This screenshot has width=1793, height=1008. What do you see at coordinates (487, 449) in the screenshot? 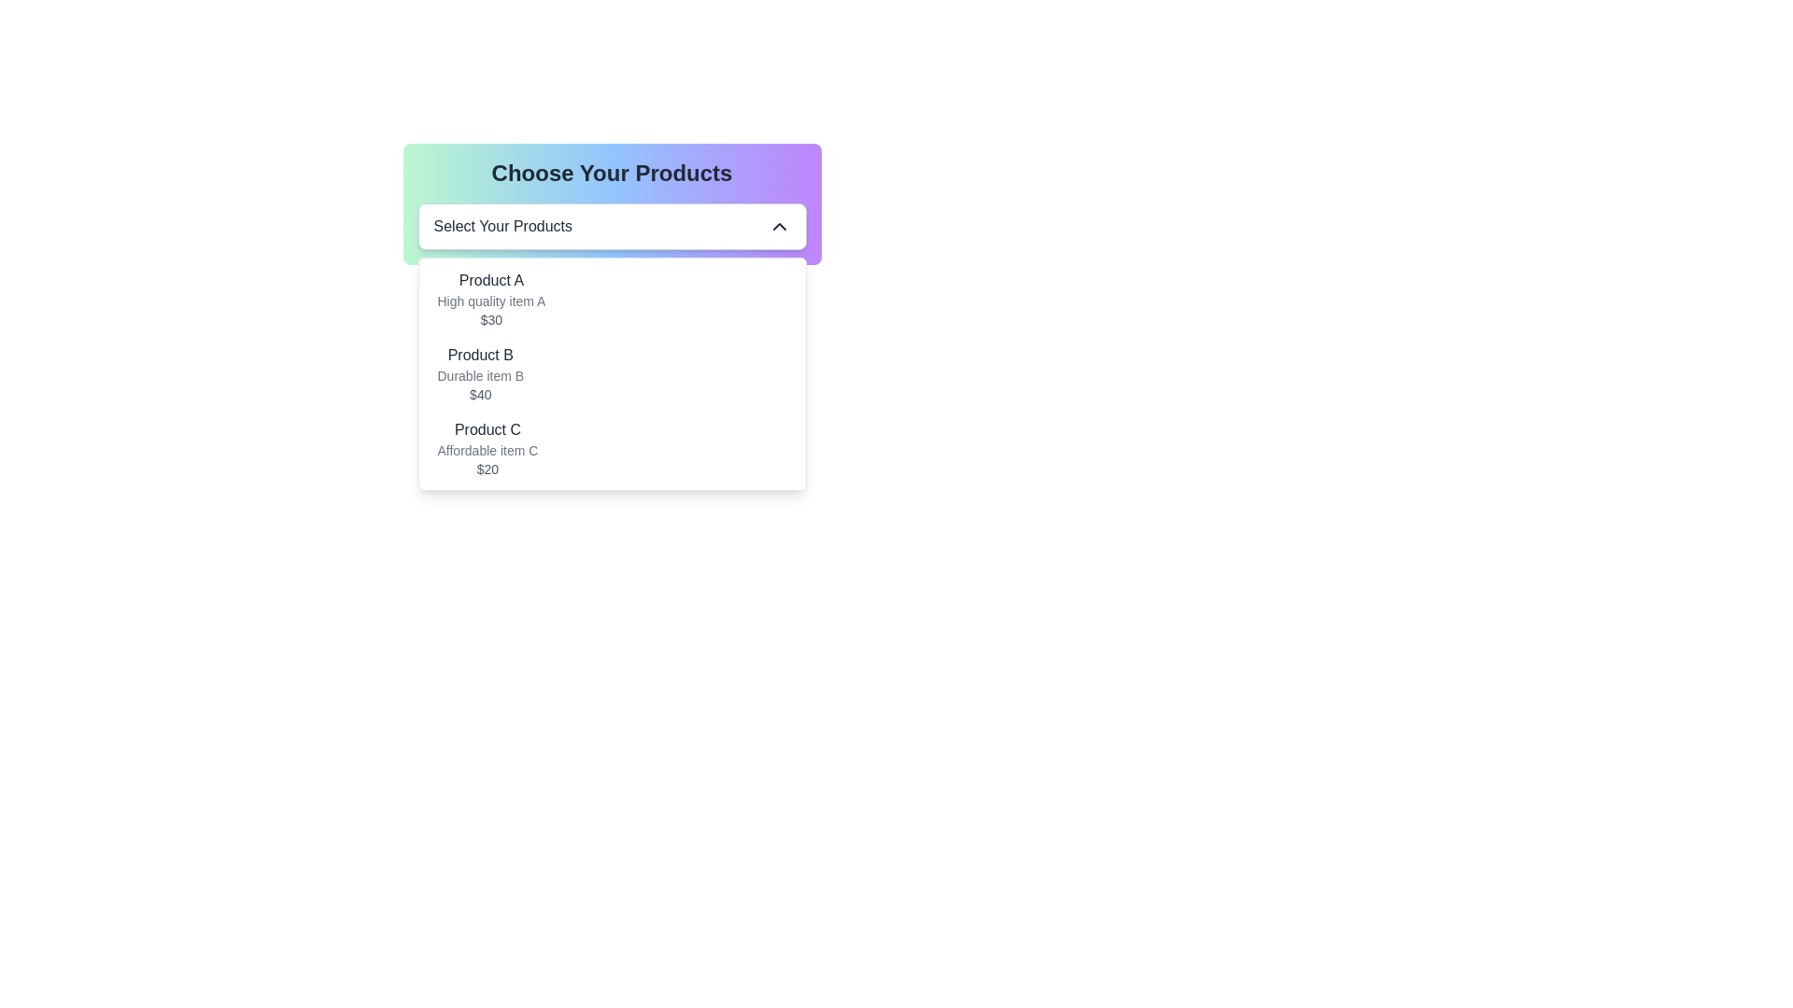
I see `the list item for 'Product C' in the dropdown menu labeled 'Choose Your Products'` at bounding box center [487, 449].